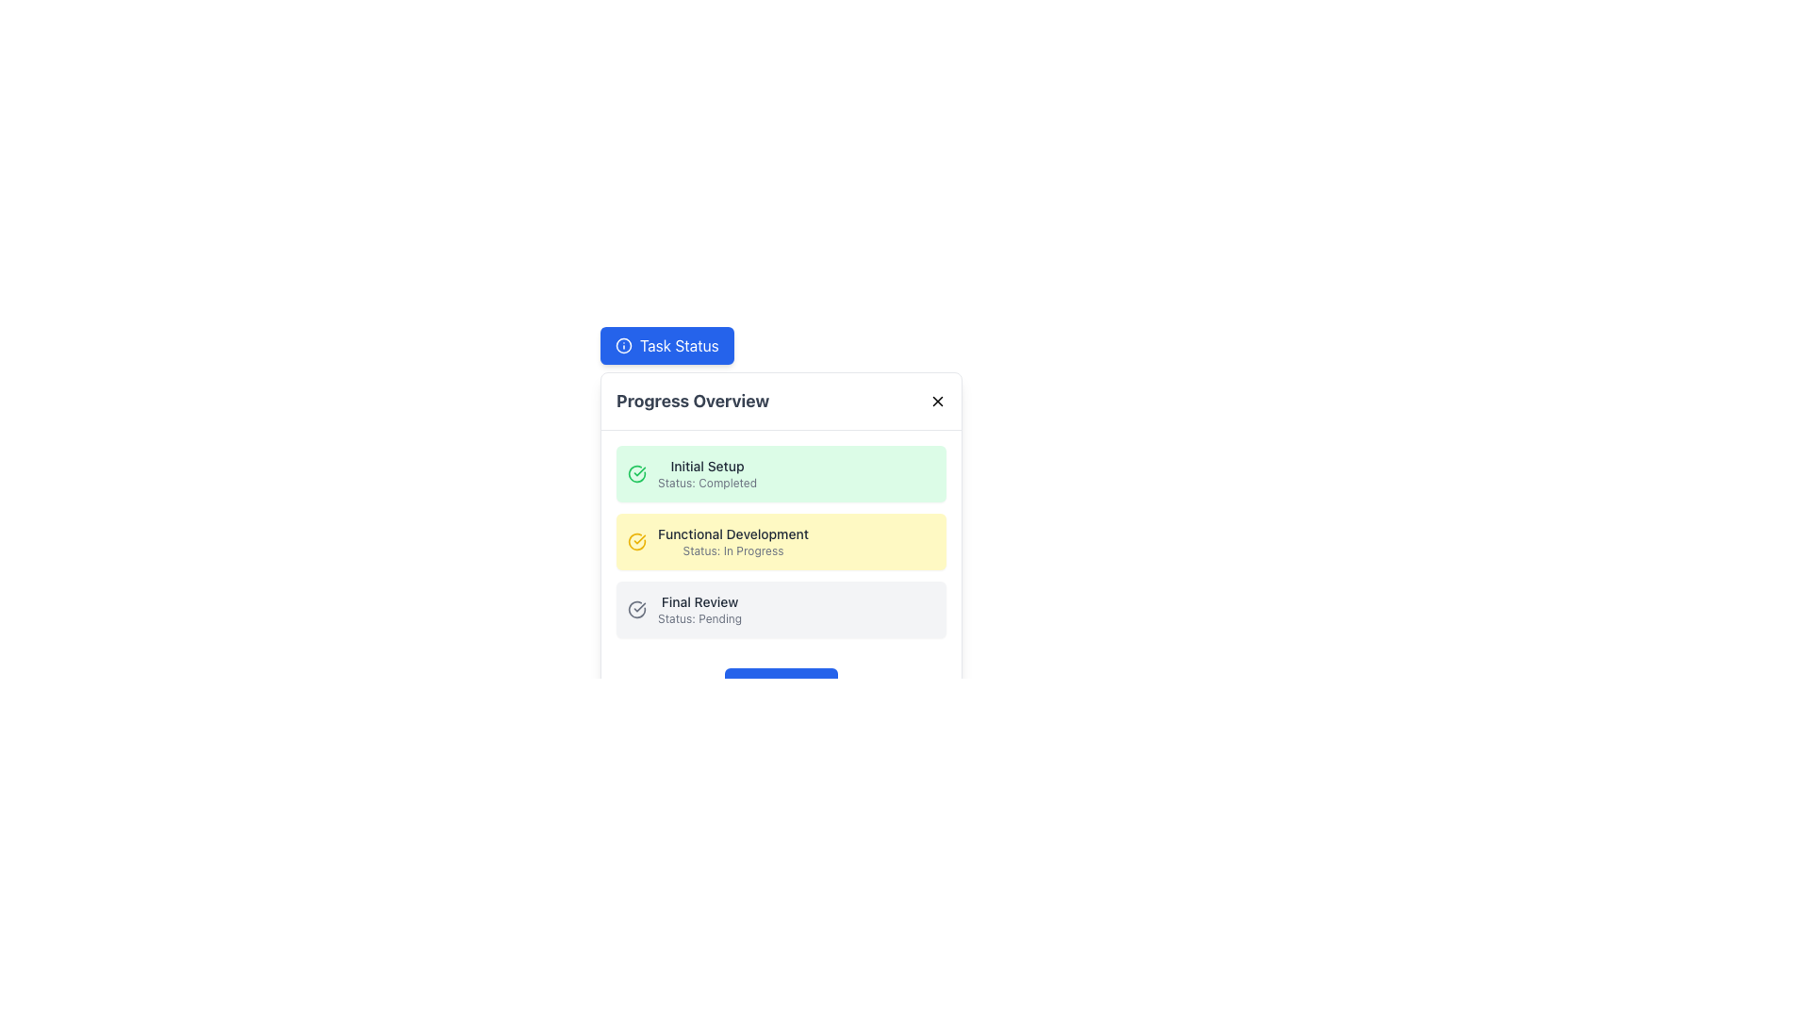  What do you see at coordinates (692, 400) in the screenshot?
I see `the text label displaying 'Progress Overview' which is styled with a bold, large font and gray color (#4A4A4A) in the header section of a card-styled component` at bounding box center [692, 400].